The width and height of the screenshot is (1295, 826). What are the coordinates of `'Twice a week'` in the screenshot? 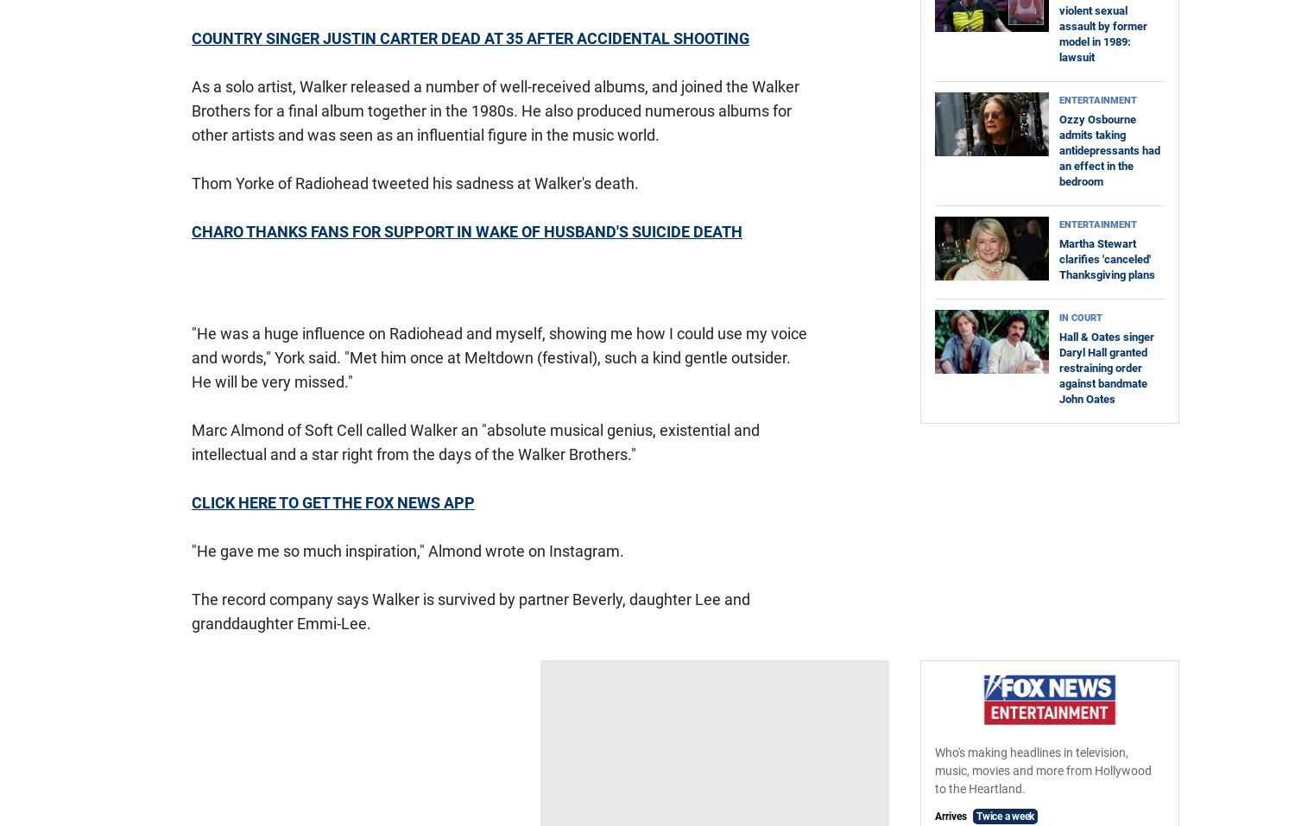 It's located at (1005, 816).